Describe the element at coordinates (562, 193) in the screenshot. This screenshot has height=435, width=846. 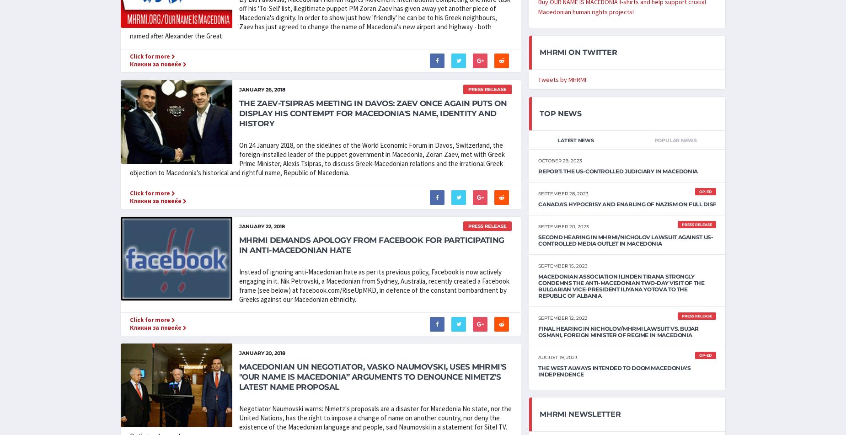
I see `'September 28, 2023'` at that location.